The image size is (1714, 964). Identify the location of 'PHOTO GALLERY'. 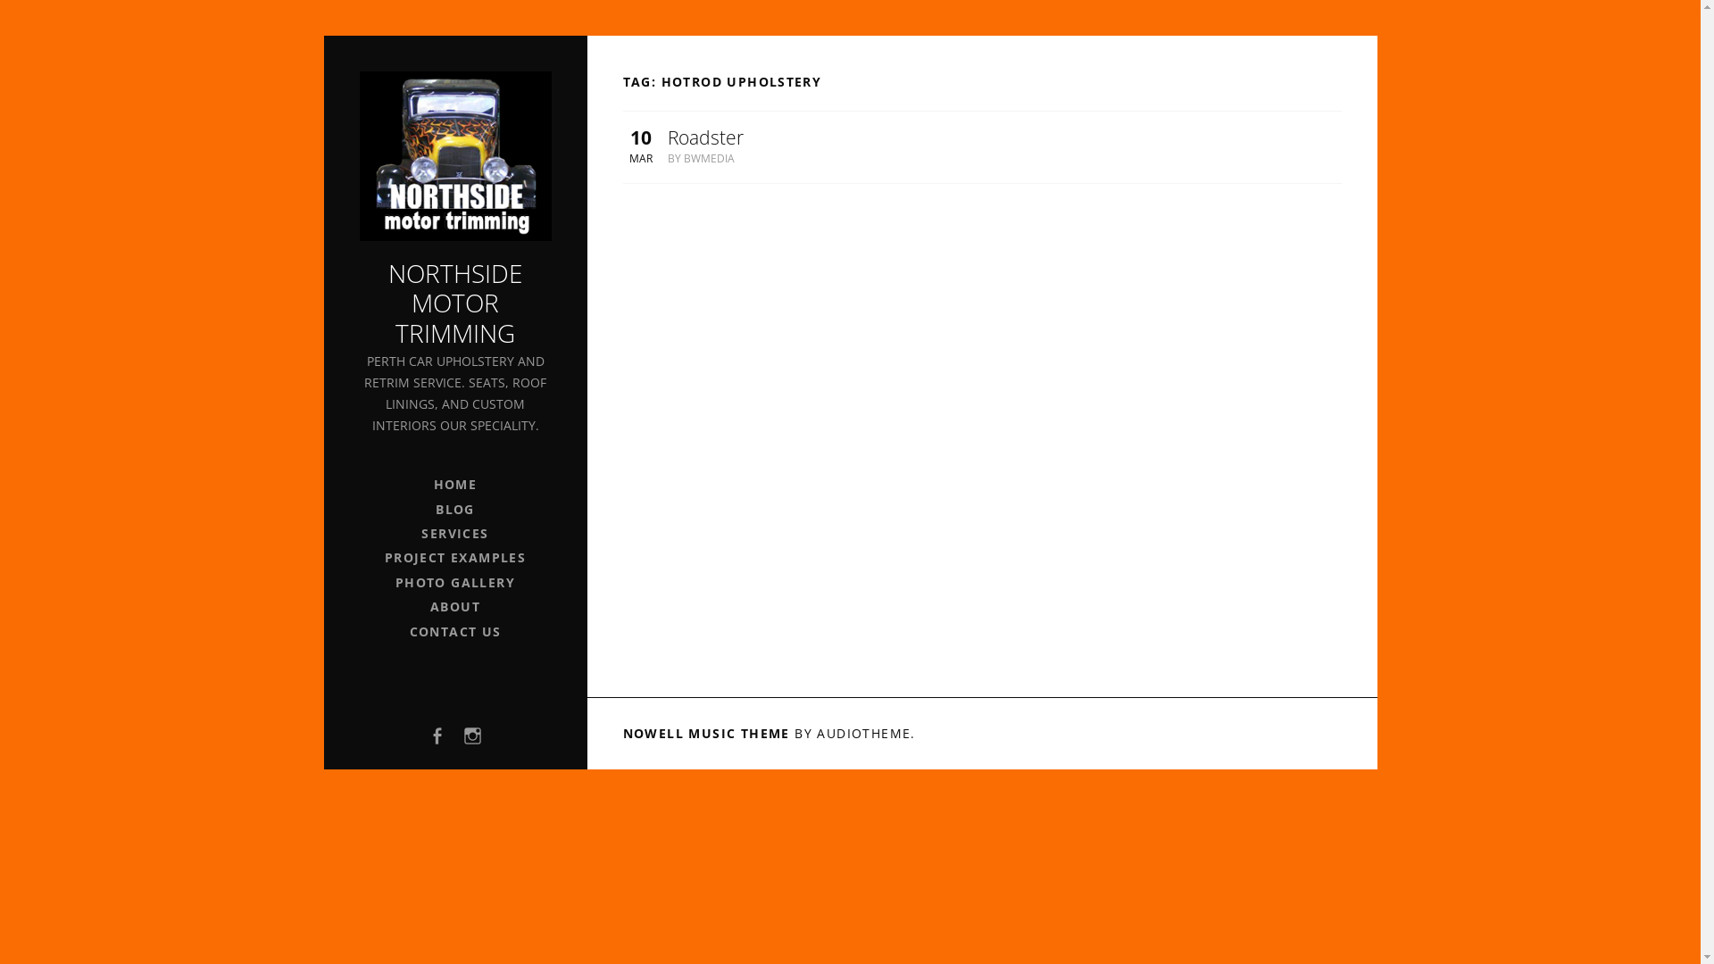
(454, 582).